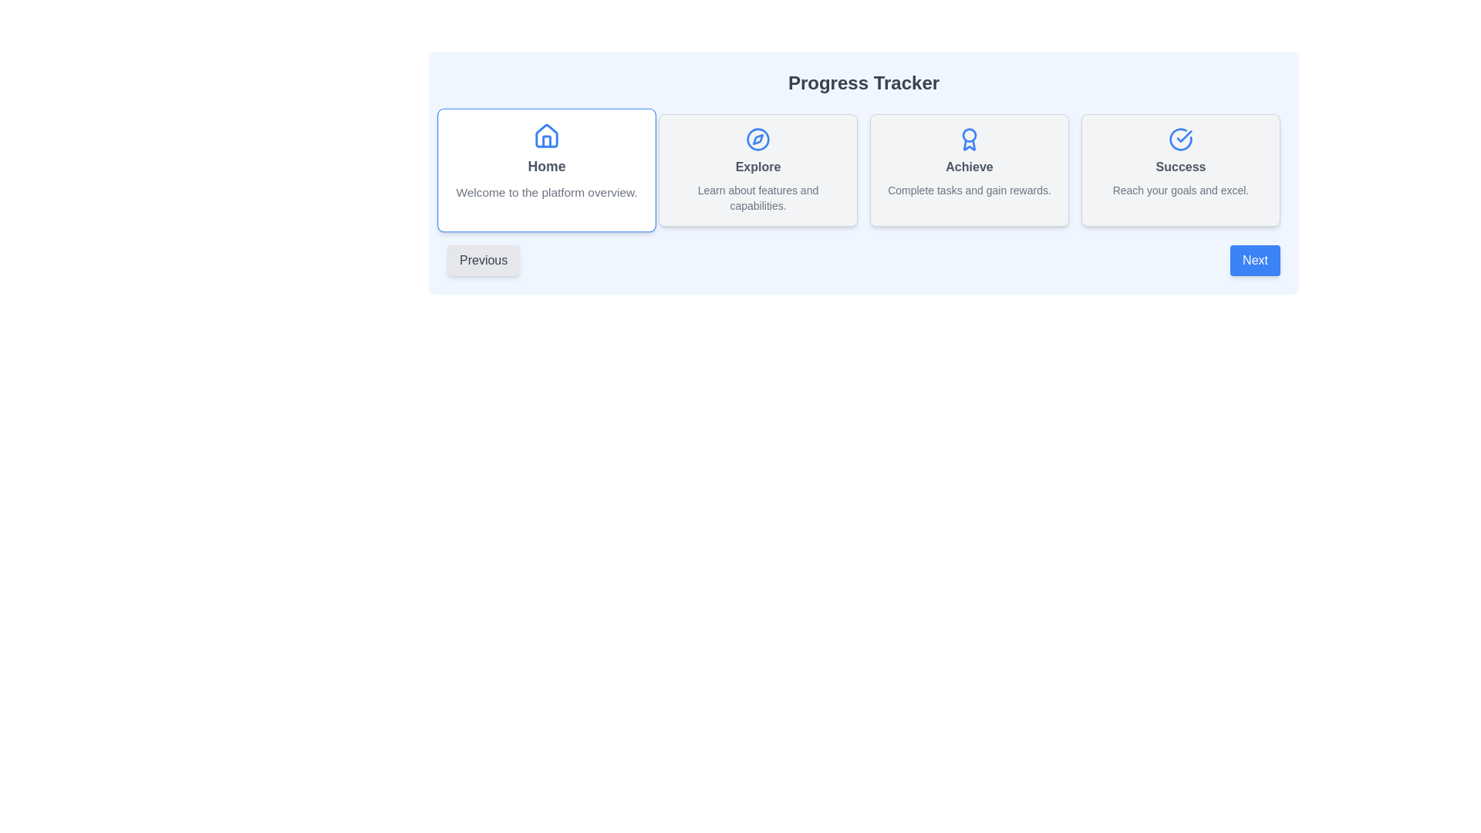 The width and height of the screenshot is (1481, 833). What do you see at coordinates (1255, 260) in the screenshot?
I see `the 'Next' button with a bright blue background and white text to observe the hover effect` at bounding box center [1255, 260].